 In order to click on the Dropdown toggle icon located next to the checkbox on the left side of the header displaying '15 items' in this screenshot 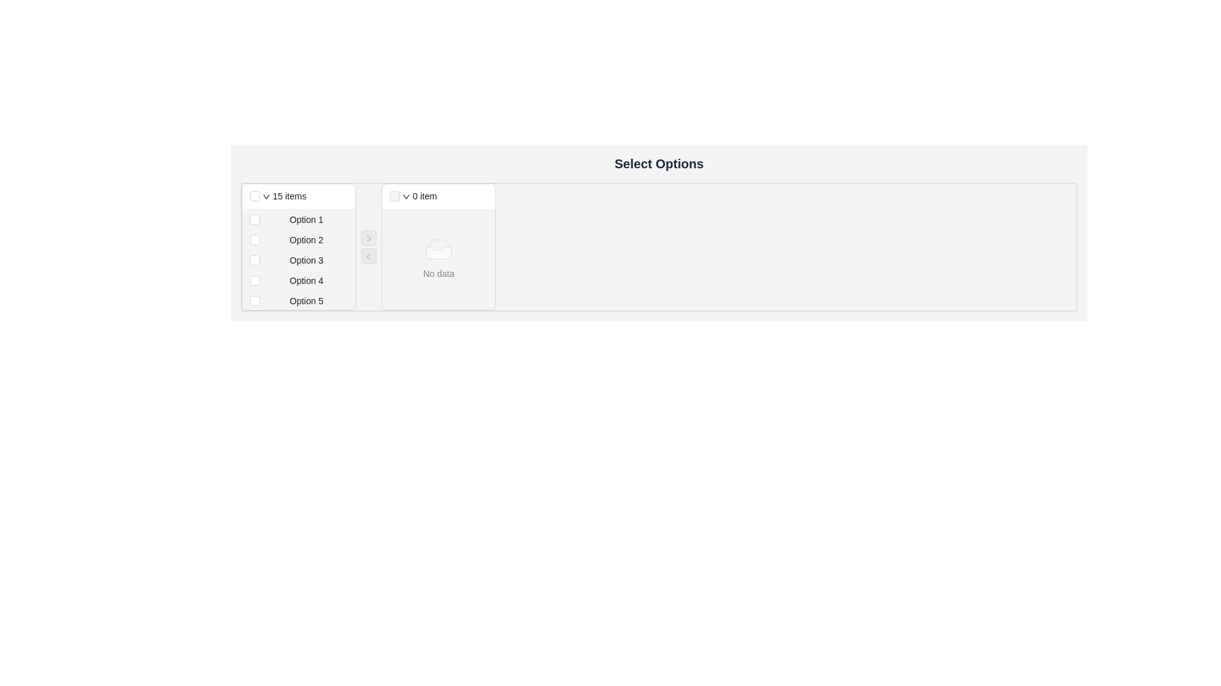, I will do `click(265, 196)`.